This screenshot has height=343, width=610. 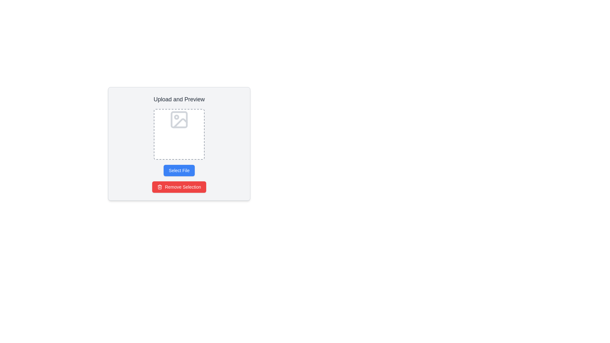 I want to click on the blue 'Select File' button with white text, which is located underneath a dashed box and above a red 'Remove Selection' button, so click(x=179, y=170).